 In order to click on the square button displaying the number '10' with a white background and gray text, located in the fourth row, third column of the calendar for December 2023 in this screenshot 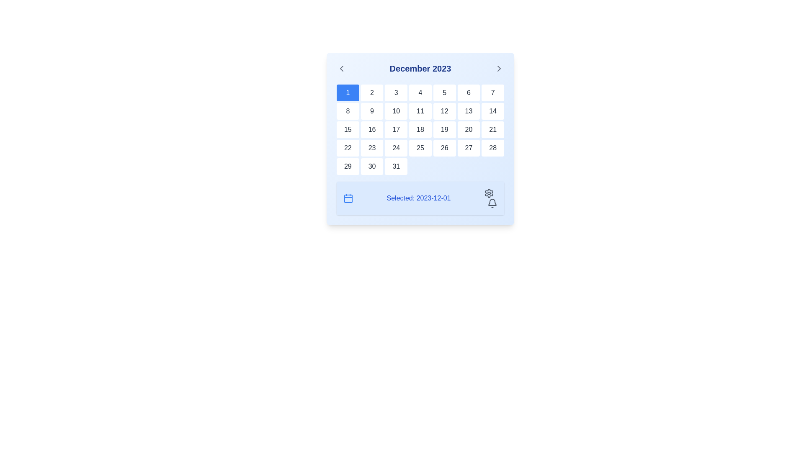, I will do `click(396, 111)`.